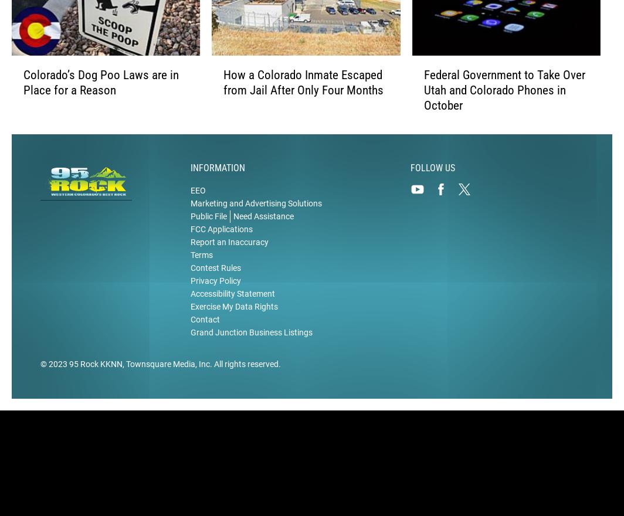  Describe the element at coordinates (303, 83) in the screenshot. I see `'How a Colorado Inmate Escaped from Jail After Only Four Months'` at that location.